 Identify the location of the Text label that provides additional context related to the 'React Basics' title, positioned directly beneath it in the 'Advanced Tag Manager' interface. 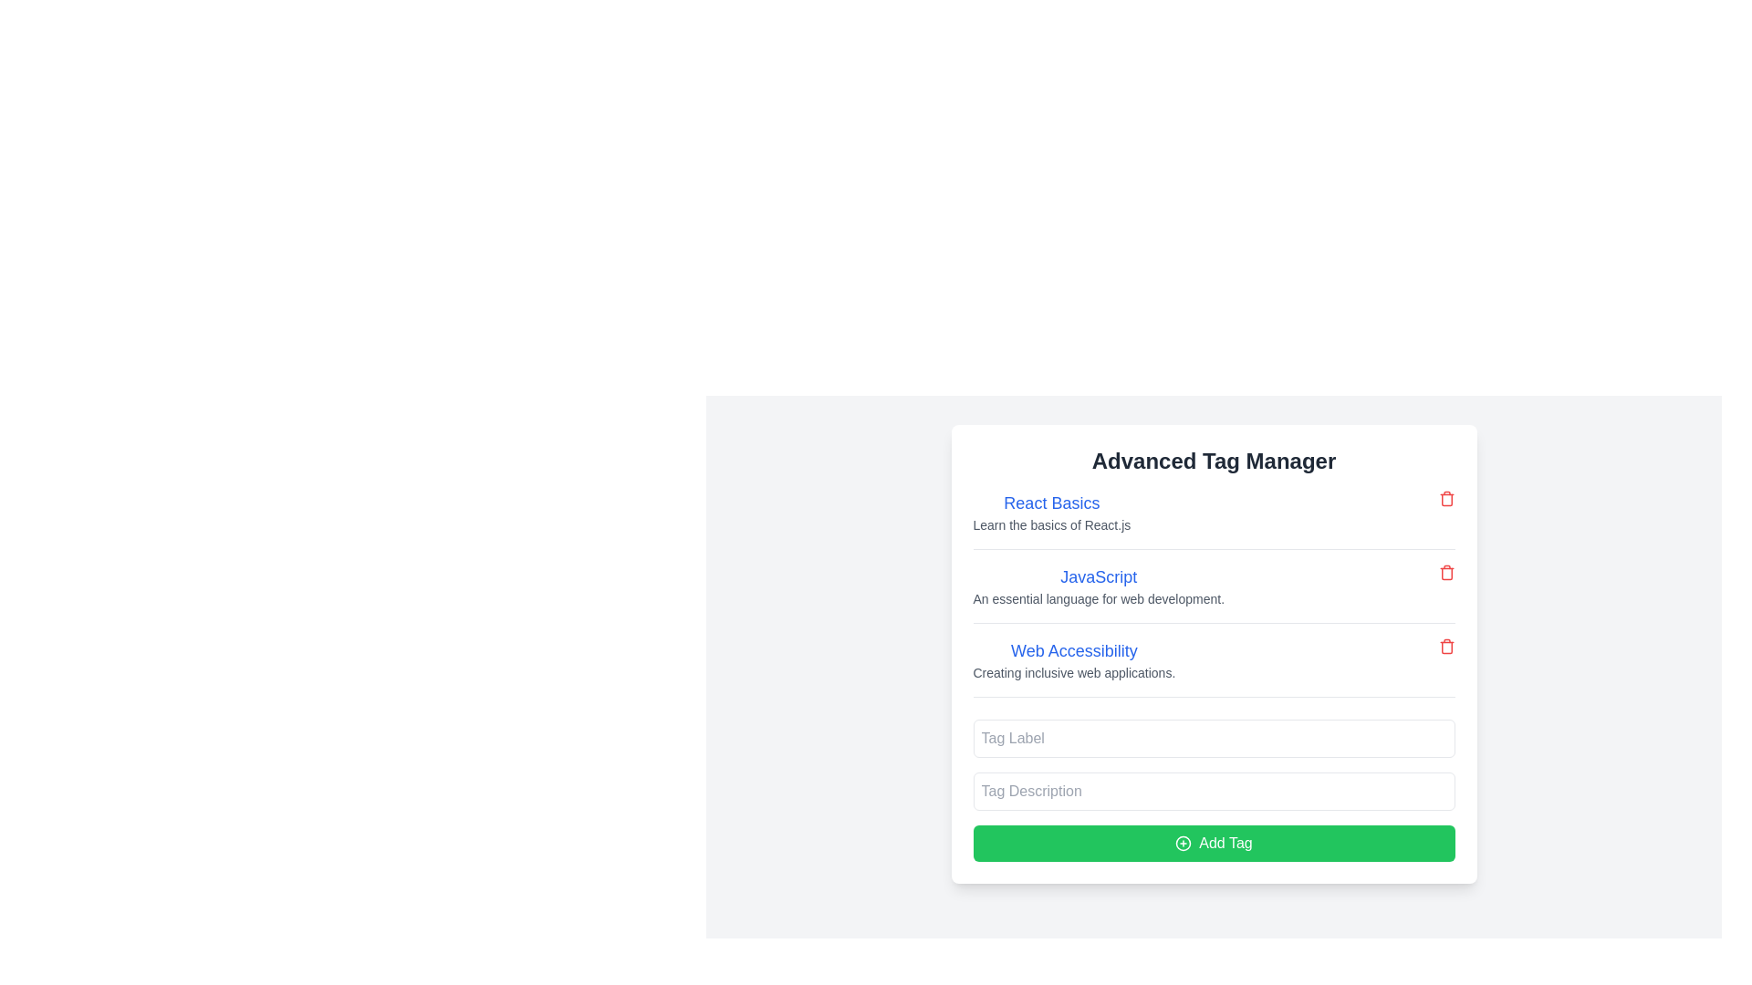
(1051, 524).